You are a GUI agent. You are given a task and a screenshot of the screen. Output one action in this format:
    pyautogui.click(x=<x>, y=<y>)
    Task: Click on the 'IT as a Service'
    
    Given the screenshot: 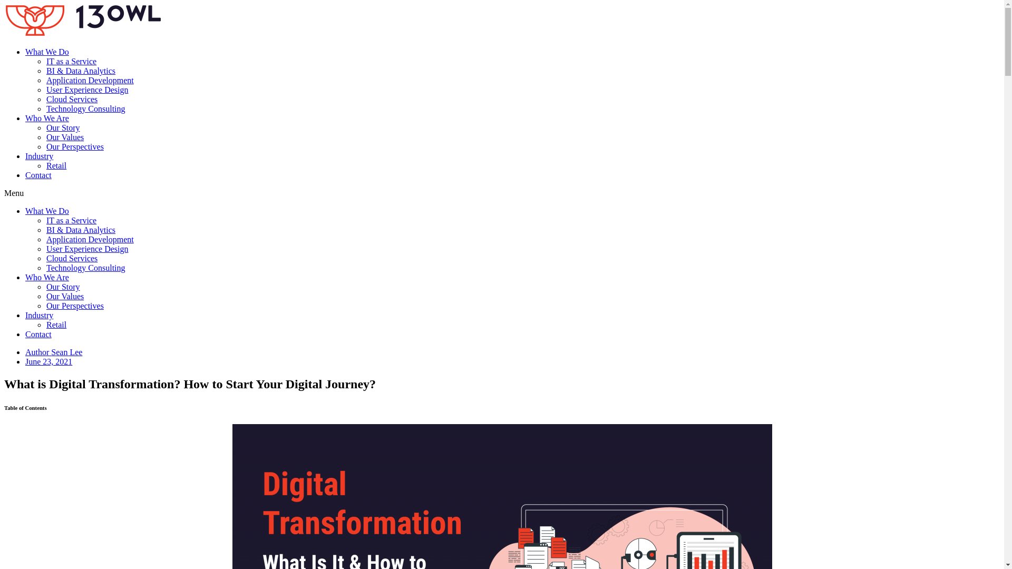 What is the action you would take?
    pyautogui.click(x=71, y=61)
    